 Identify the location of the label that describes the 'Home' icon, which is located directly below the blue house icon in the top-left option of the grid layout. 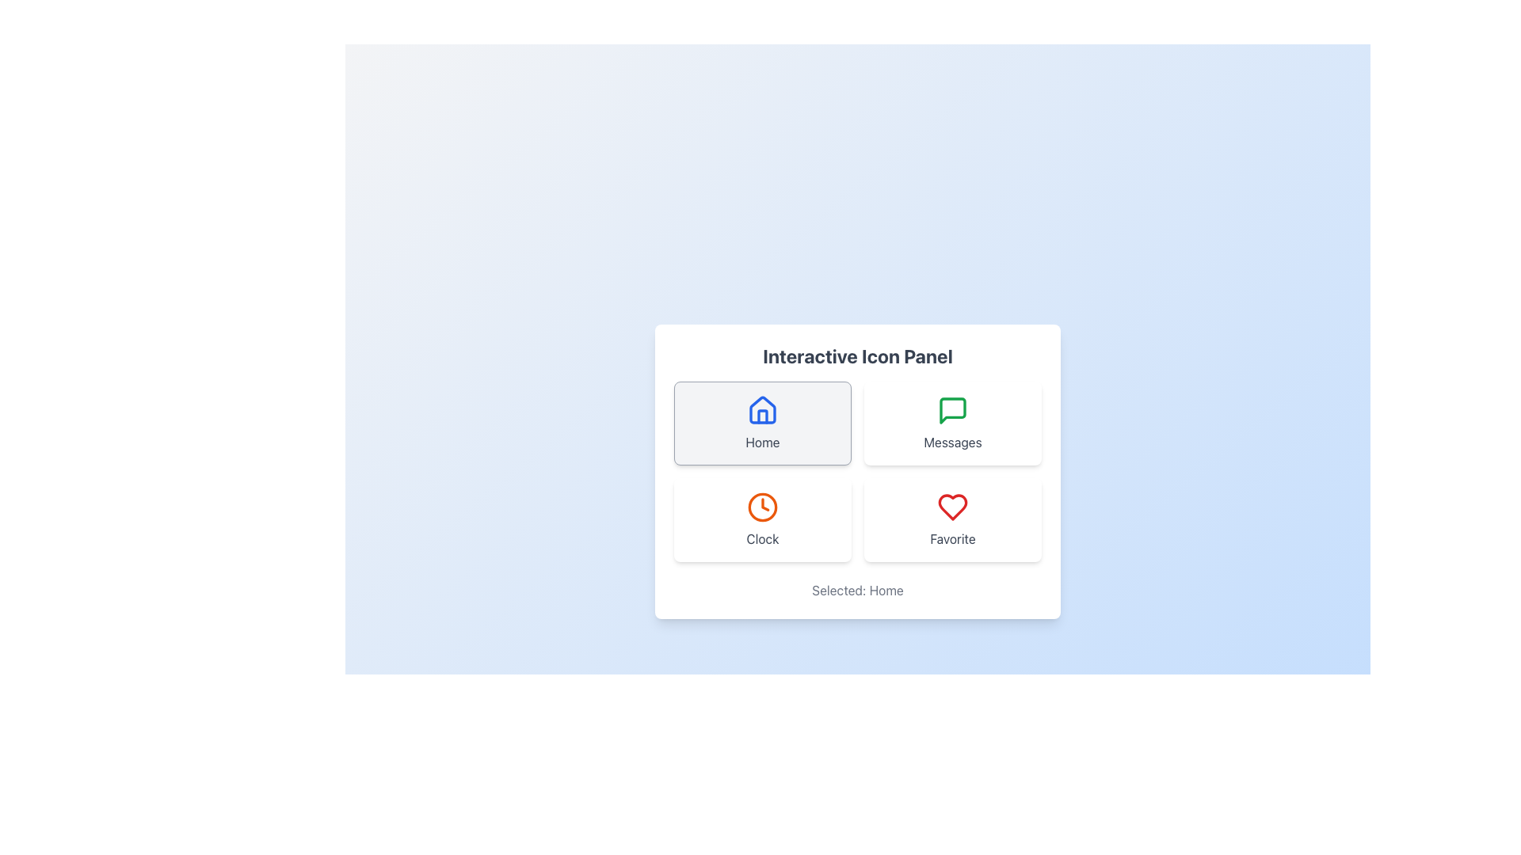
(763, 443).